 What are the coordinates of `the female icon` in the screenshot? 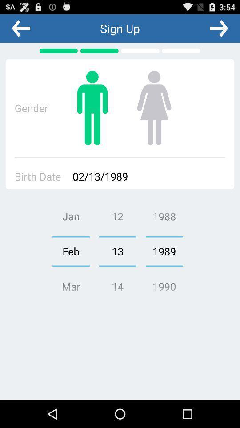 It's located at (154, 107).